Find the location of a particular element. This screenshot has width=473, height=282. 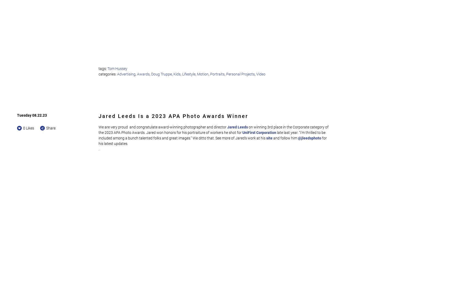

'.' is located at coordinates (99, 149).